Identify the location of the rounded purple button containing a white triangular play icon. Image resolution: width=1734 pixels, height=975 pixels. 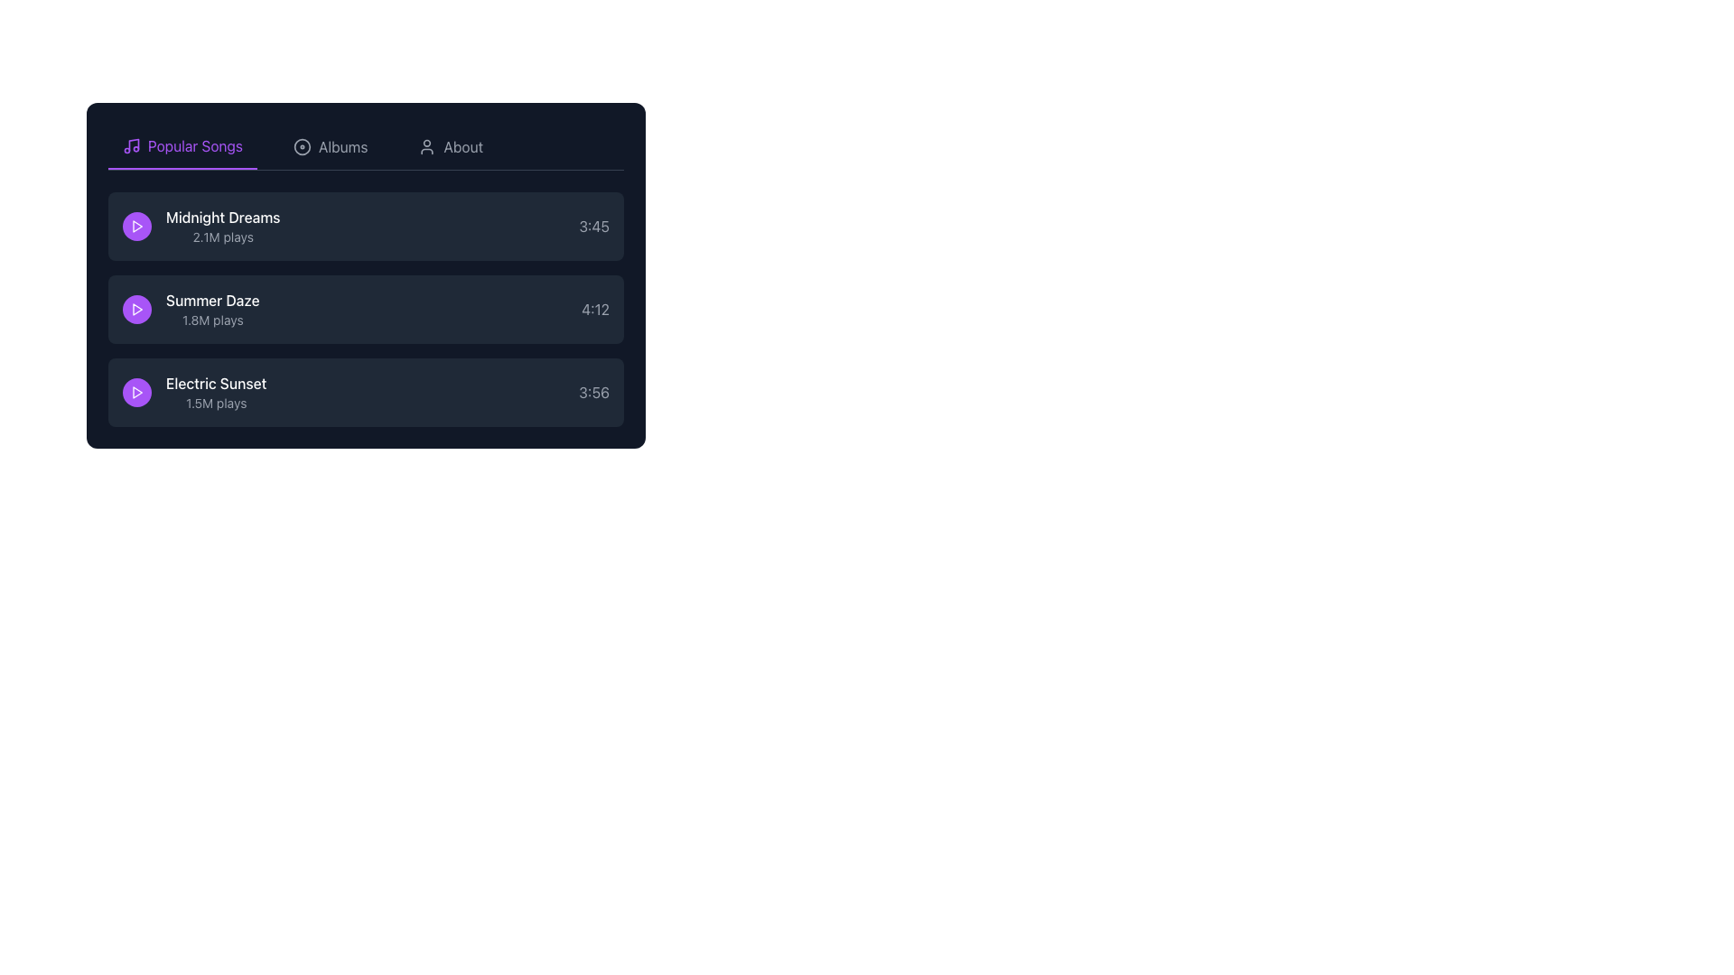
(136, 309).